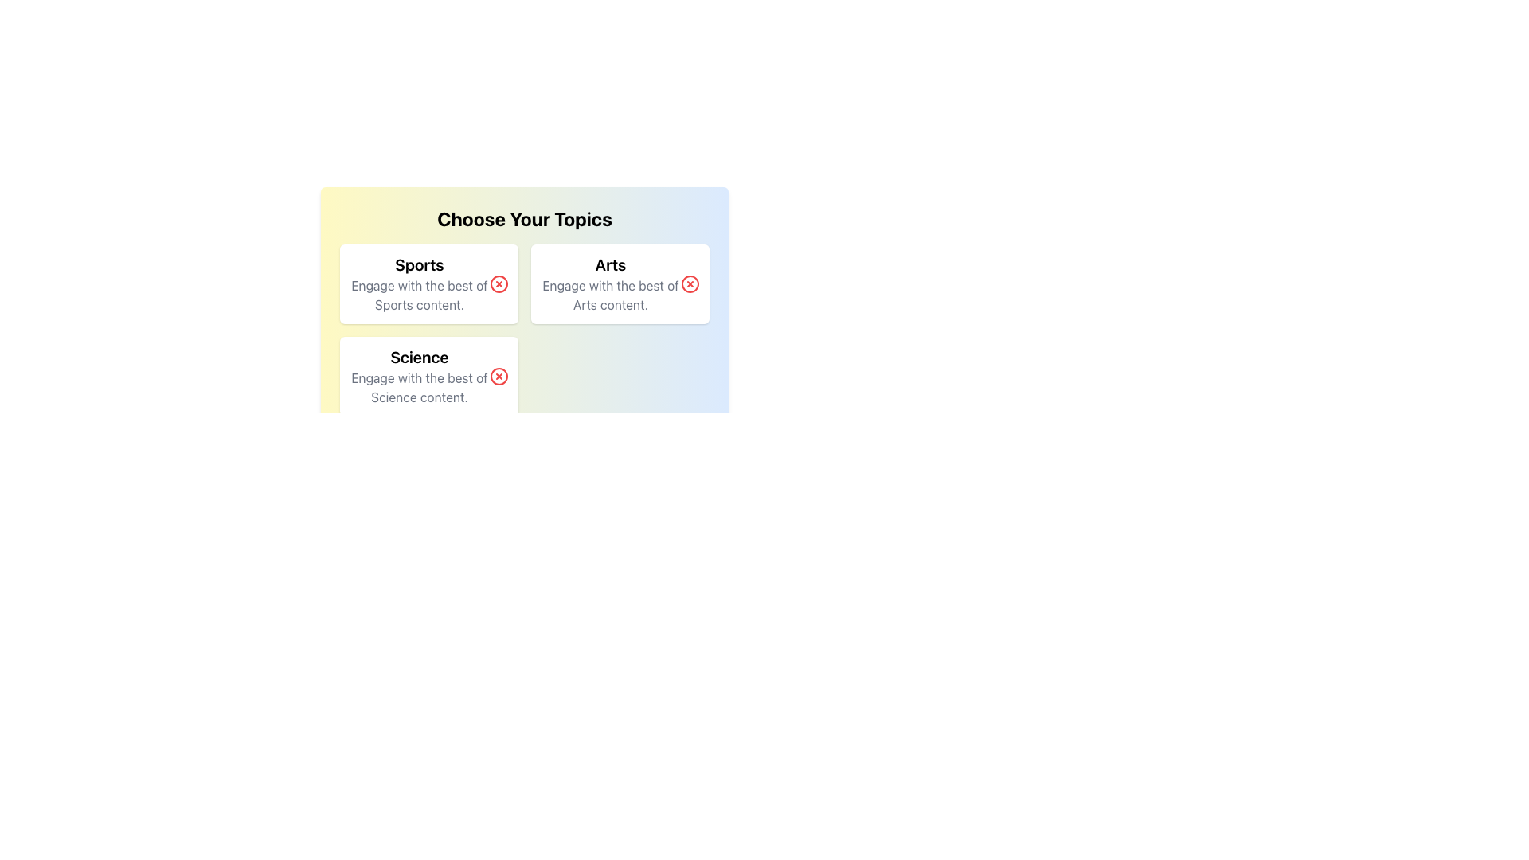  What do you see at coordinates (524, 218) in the screenshot?
I see `the bold text header labeled 'Choose Your Topics', which is prominently displayed at the top of the section, above the selection cards for 'Sports', 'Arts', and 'Science'` at bounding box center [524, 218].